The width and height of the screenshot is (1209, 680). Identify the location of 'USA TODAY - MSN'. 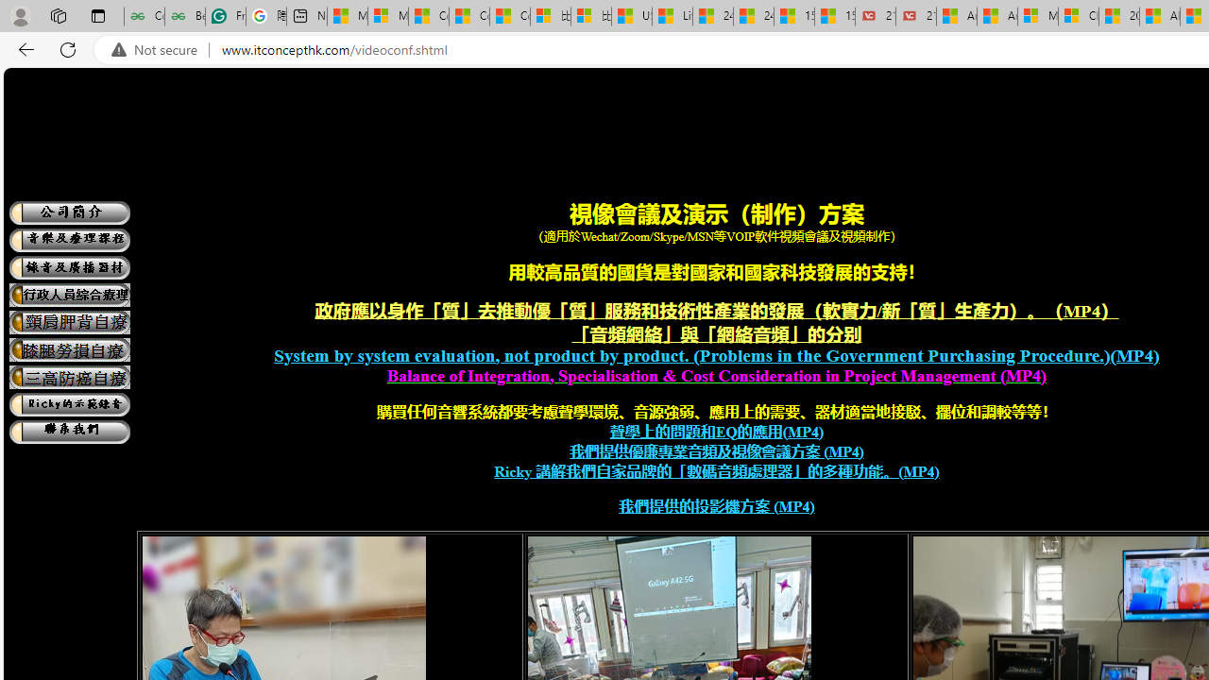
(631, 16).